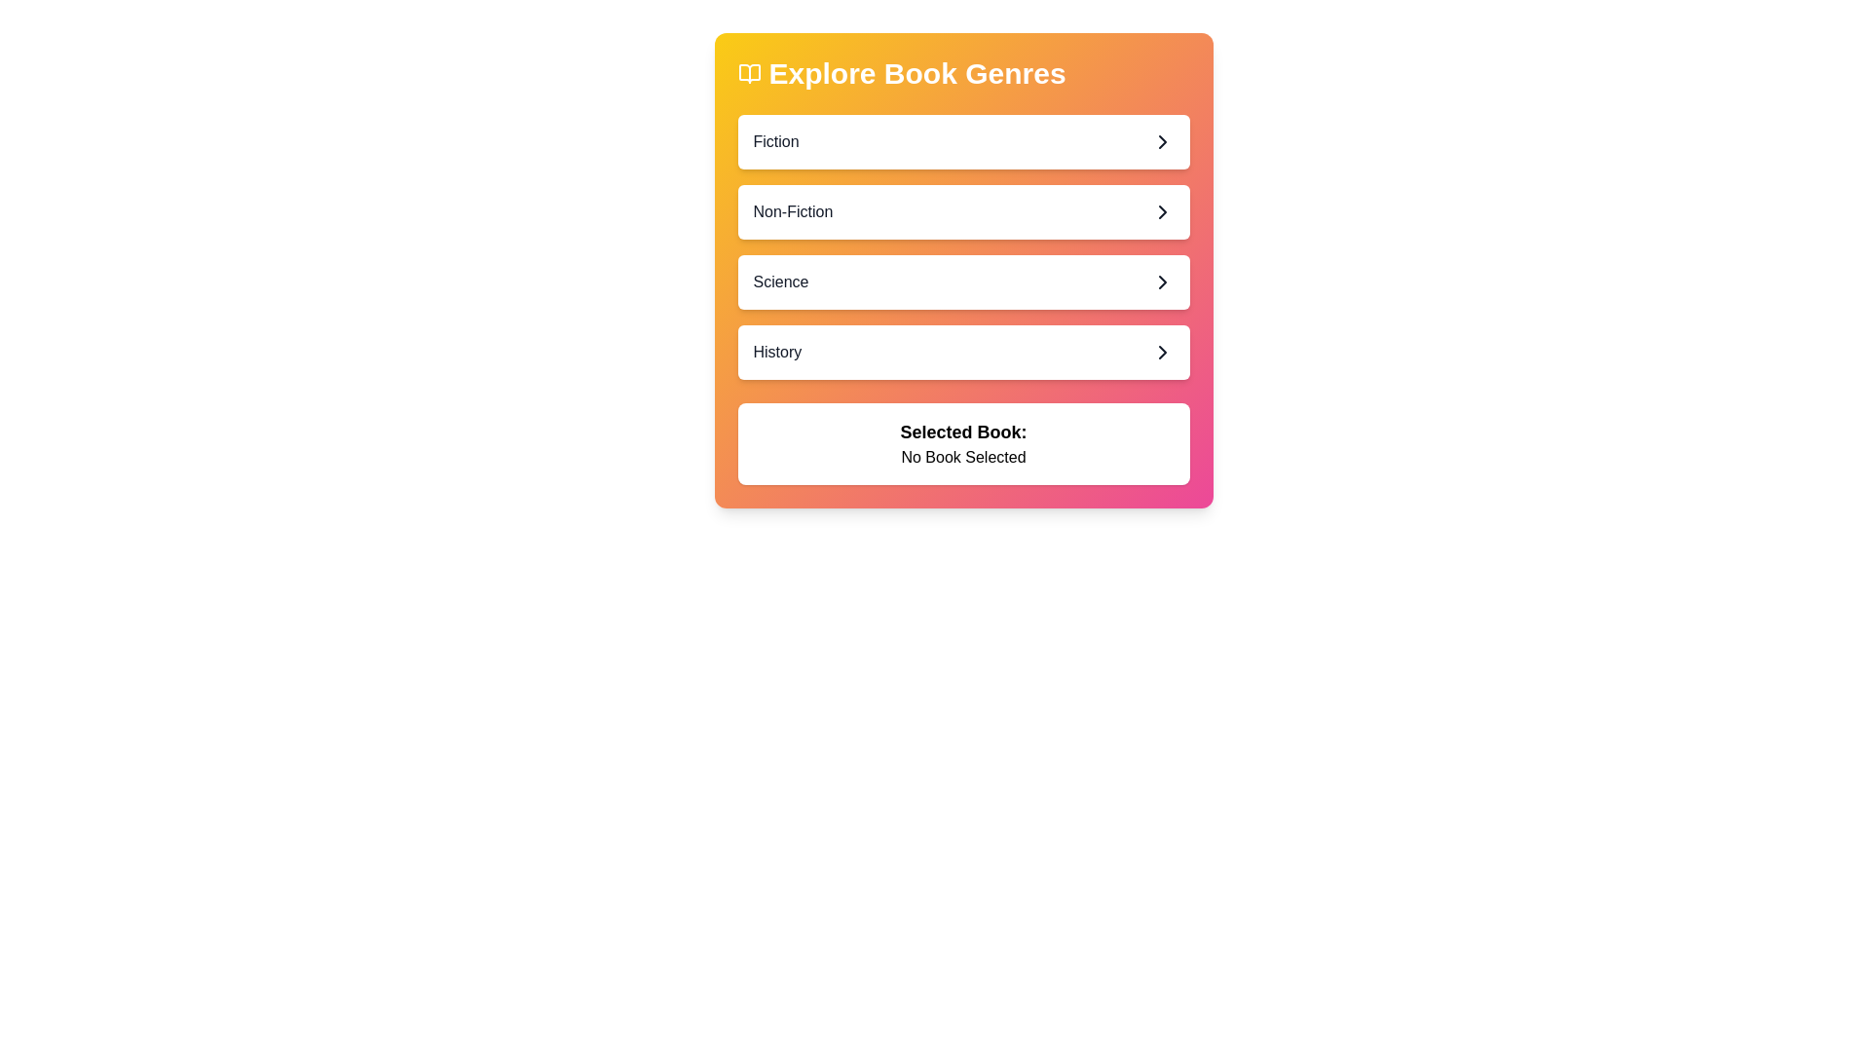 The width and height of the screenshot is (1870, 1052). What do you see at coordinates (793, 212) in the screenshot?
I see `the 'Non-Fiction' text label` at bounding box center [793, 212].